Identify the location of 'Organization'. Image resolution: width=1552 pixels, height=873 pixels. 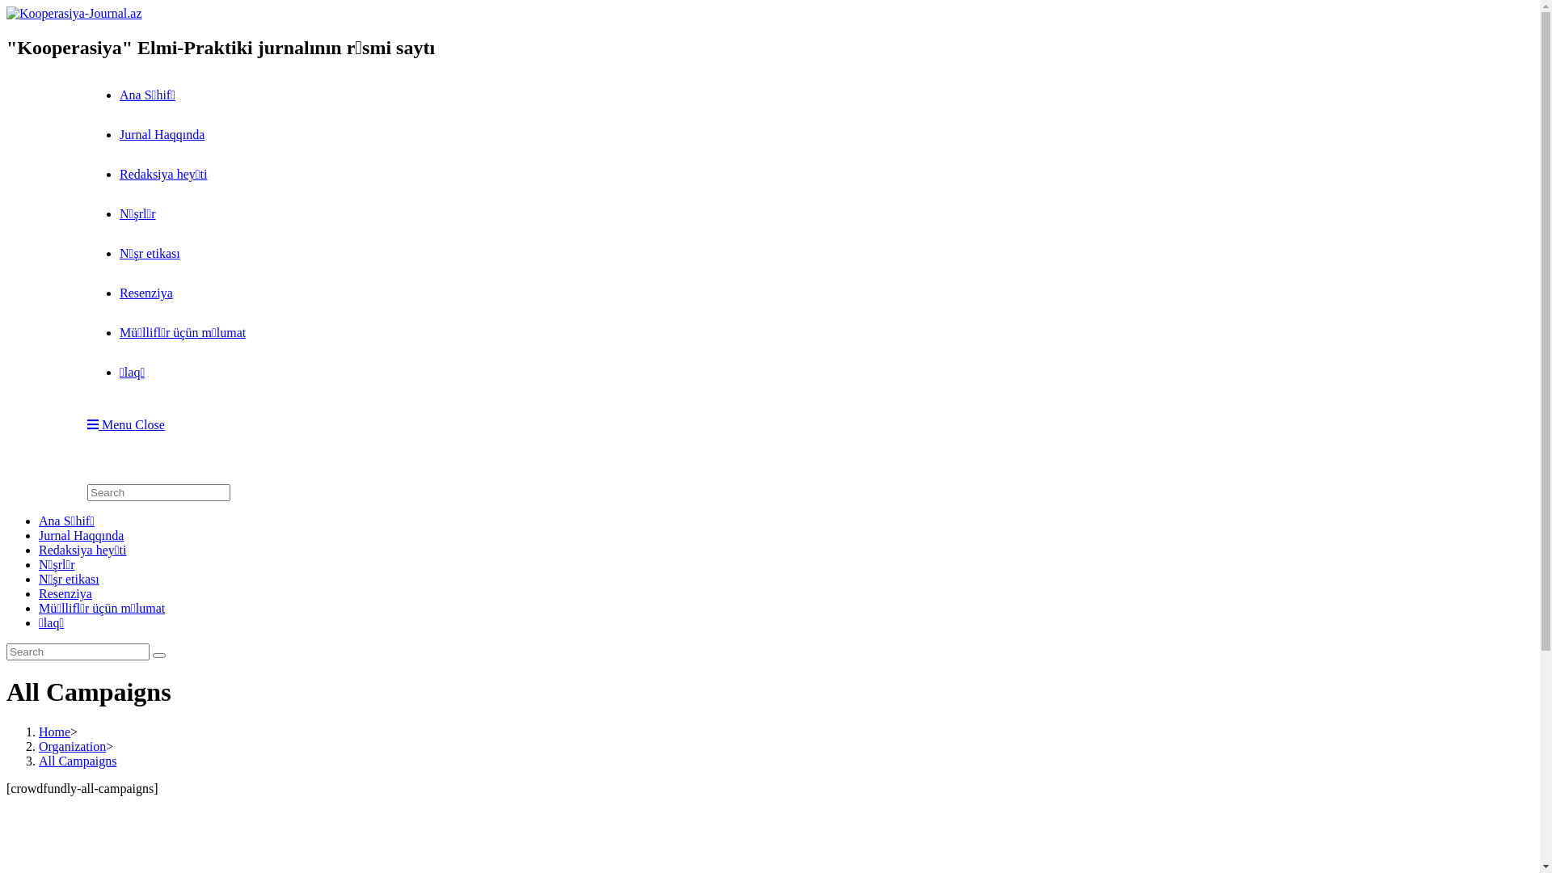
(71, 746).